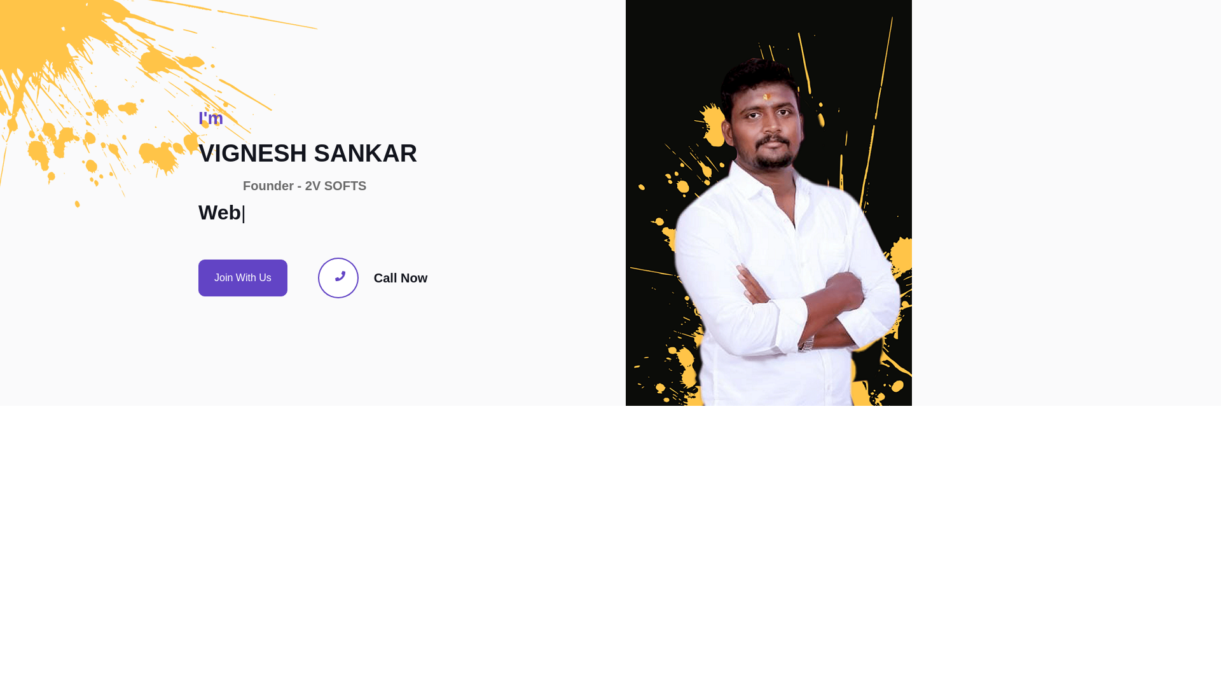 The width and height of the screenshot is (1221, 687). What do you see at coordinates (243, 277) in the screenshot?
I see `'Join With Us'` at bounding box center [243, 277].